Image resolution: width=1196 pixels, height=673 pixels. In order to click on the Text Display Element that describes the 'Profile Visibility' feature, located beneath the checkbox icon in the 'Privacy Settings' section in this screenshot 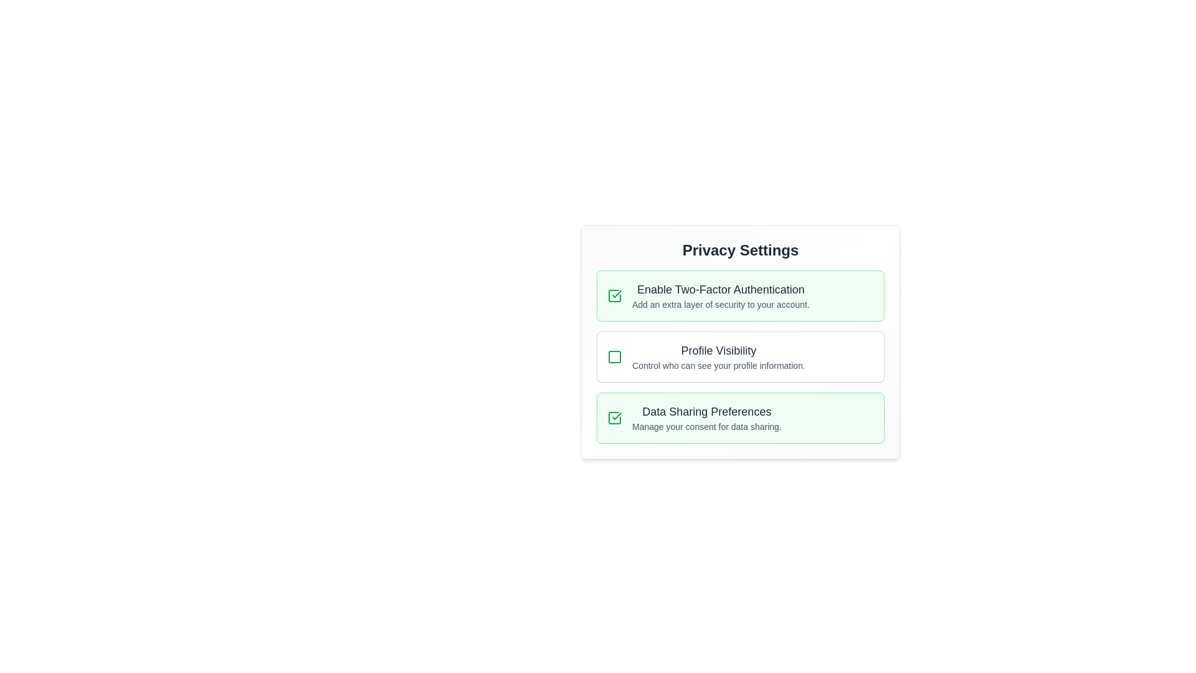, I will do `click(718, 357)`.